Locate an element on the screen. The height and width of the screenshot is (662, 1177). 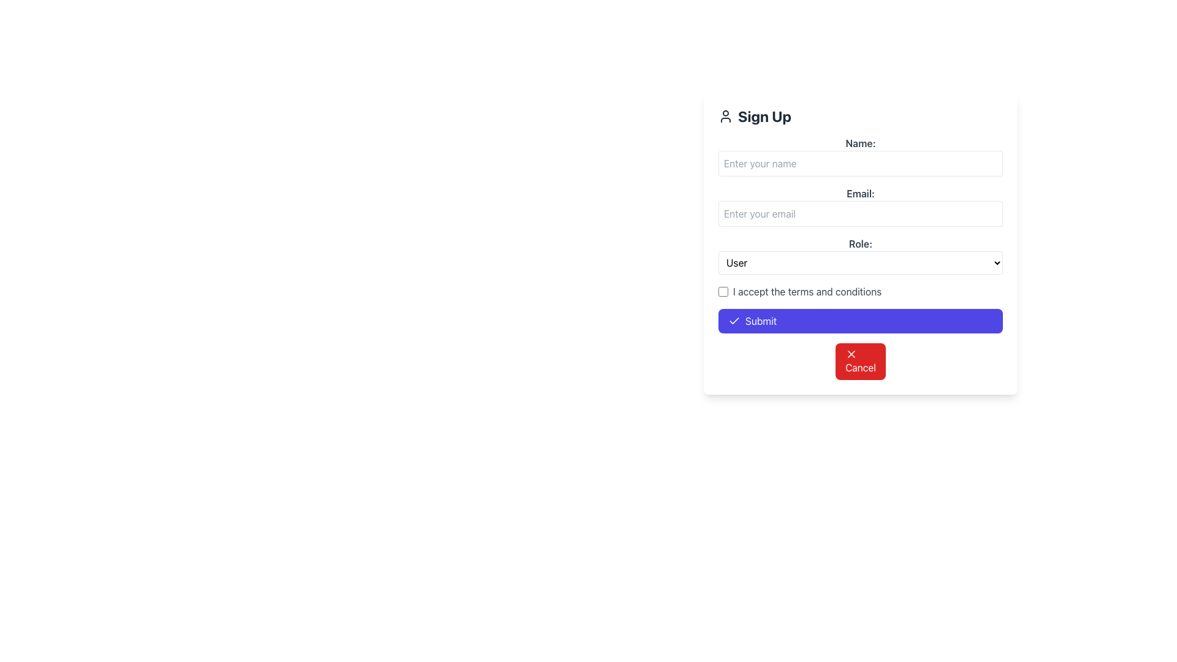
the dropdown menu labeled 'Role:' and select an option using the keyboard is located at coordinates (859, 262).